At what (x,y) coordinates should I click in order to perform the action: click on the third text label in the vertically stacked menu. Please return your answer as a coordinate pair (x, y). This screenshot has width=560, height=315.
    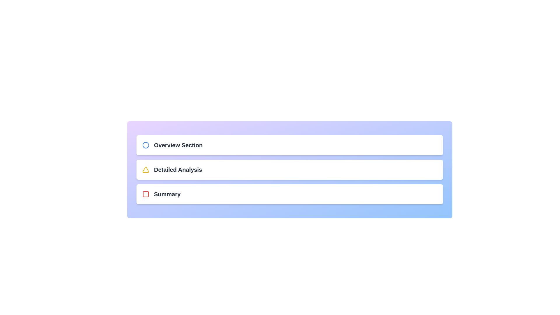
    Looking at the image, I should click on (167, 194).